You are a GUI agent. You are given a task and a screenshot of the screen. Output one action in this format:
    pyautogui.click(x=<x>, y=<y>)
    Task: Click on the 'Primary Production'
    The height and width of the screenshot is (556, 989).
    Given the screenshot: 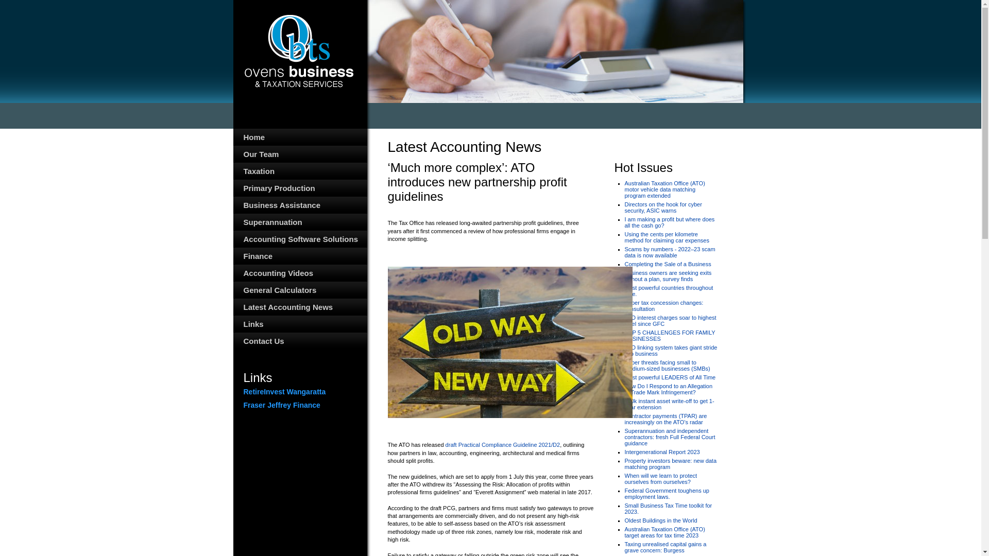 What is the action you would take?
    pyautogui.click(x=299, y=188)
    